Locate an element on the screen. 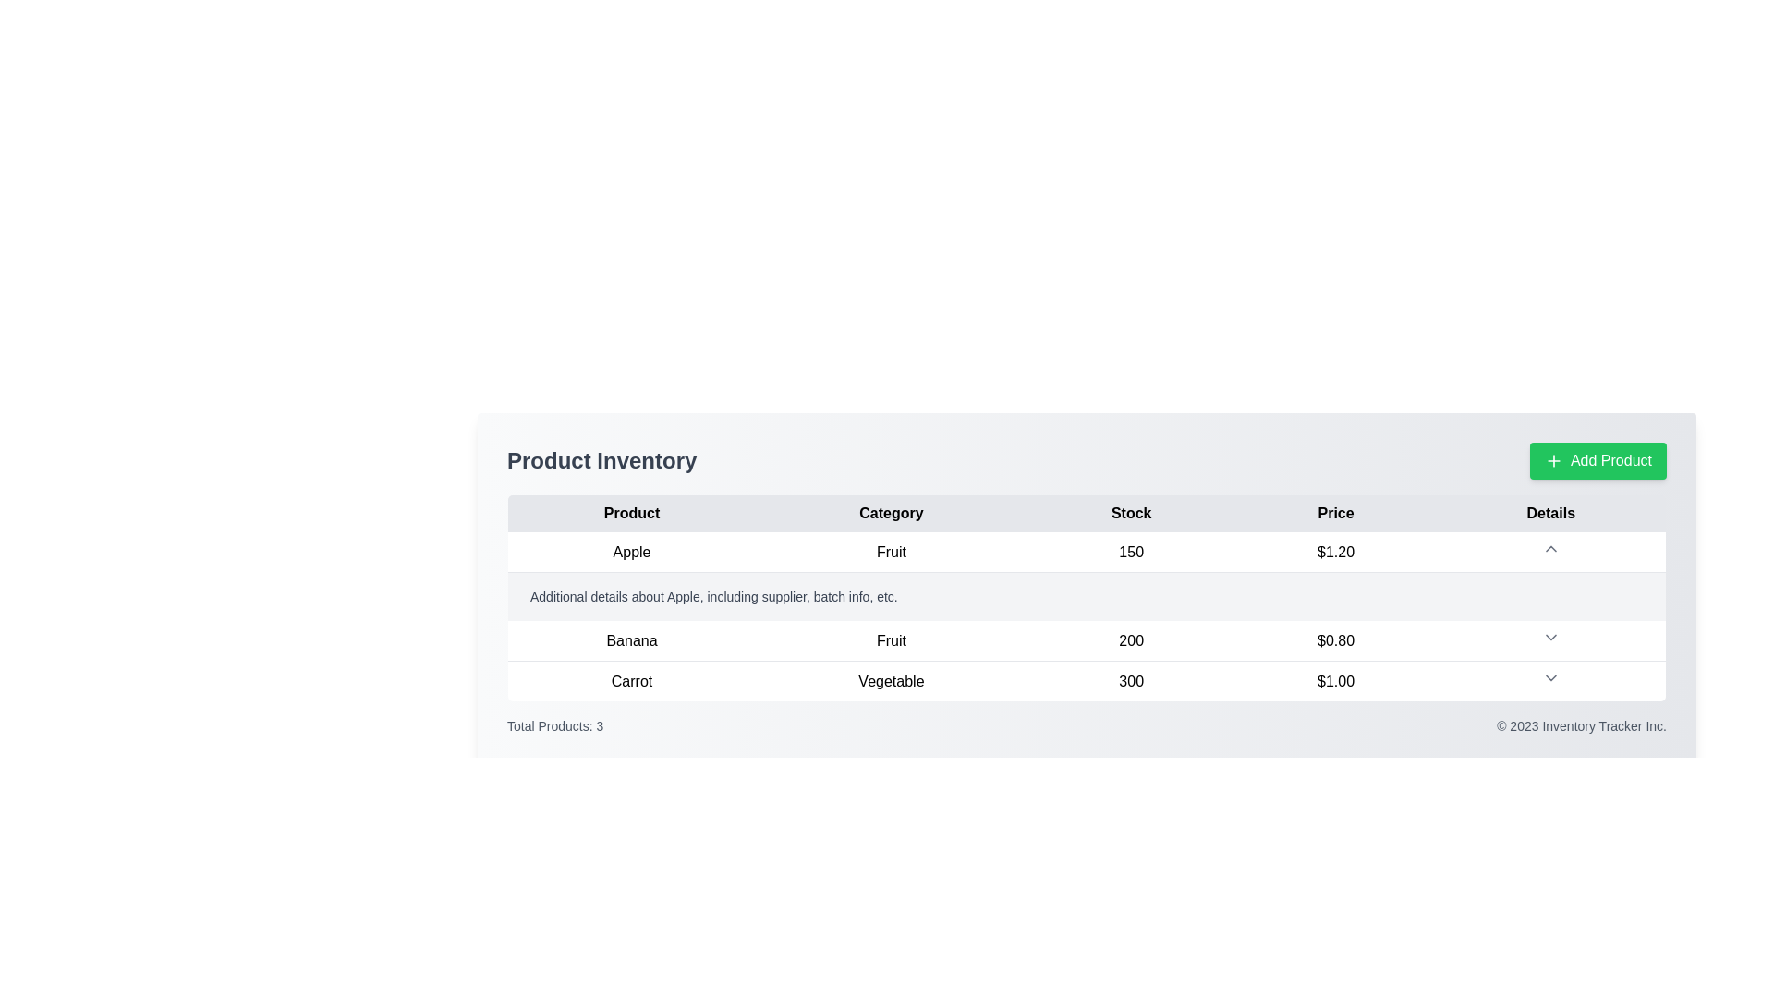 The height and width of the screenshot is (998, 1774). the third column header label of the table, which is positioned between the 'Category' and 'Price' headers, indicating the stock of items is located at coordinates (1130, 513).